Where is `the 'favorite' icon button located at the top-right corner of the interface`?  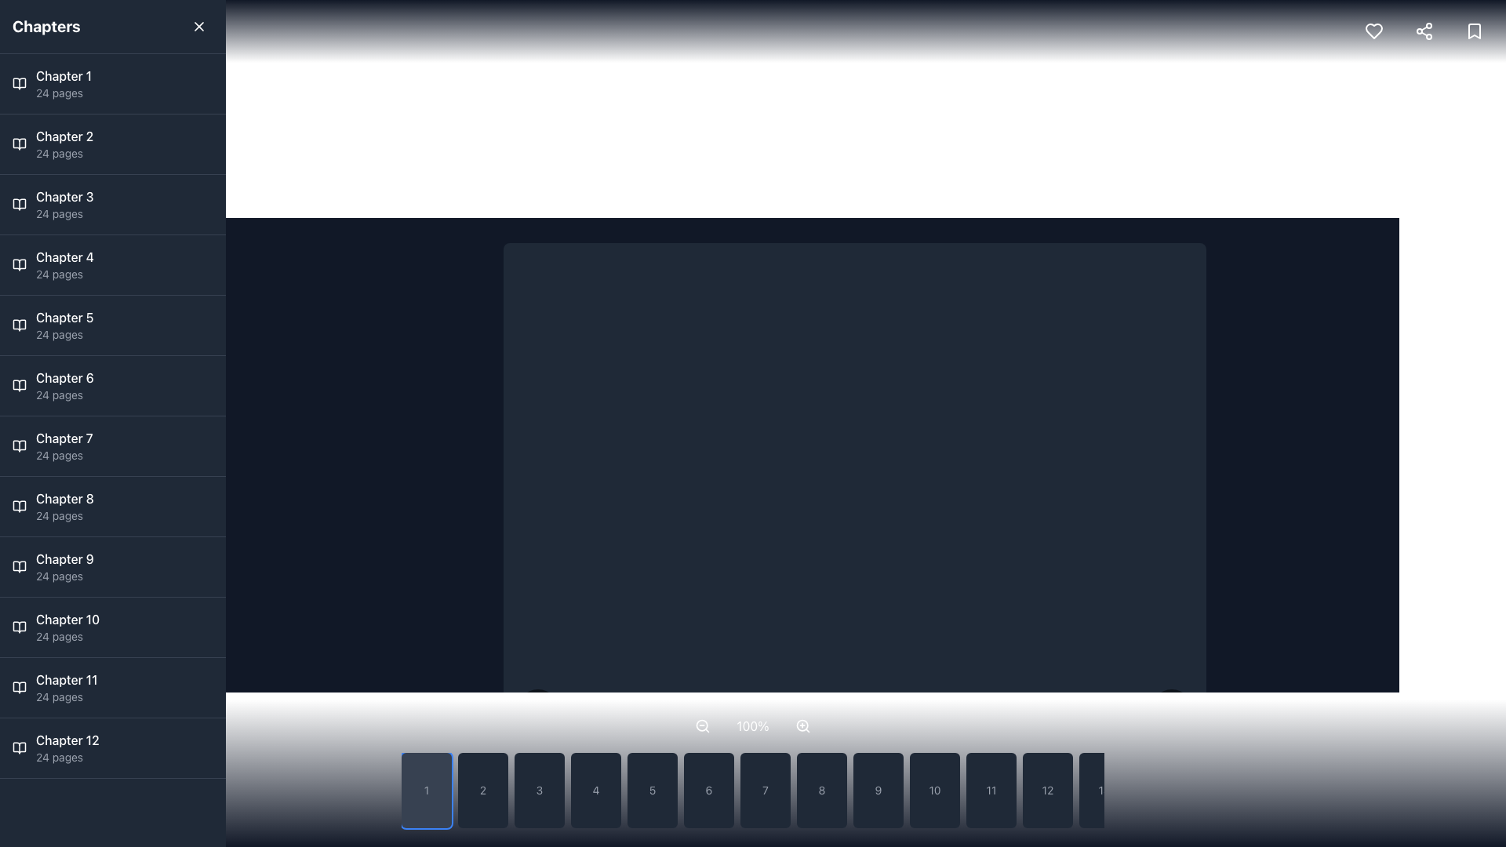 the 'favorite' icon button located at the top-right corner of the interface is located at coordinates (1373, 31).